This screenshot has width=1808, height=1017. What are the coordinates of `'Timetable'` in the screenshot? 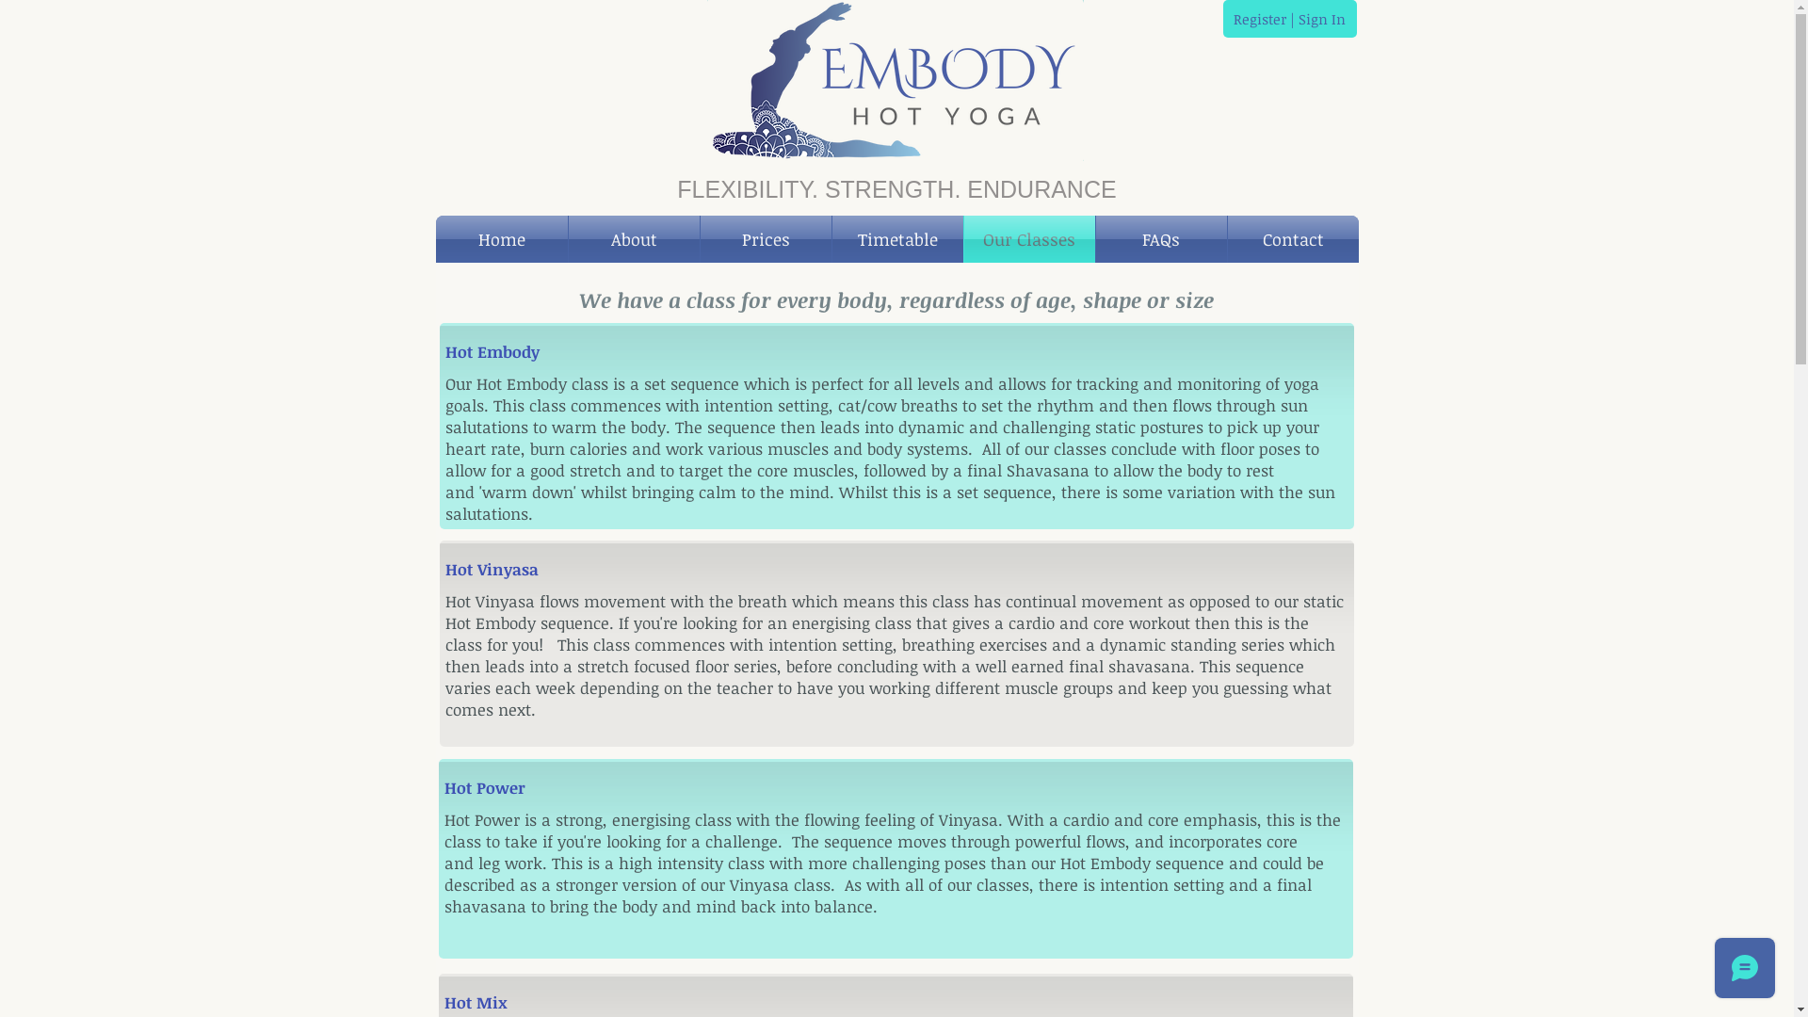 It's located at (896, 238).